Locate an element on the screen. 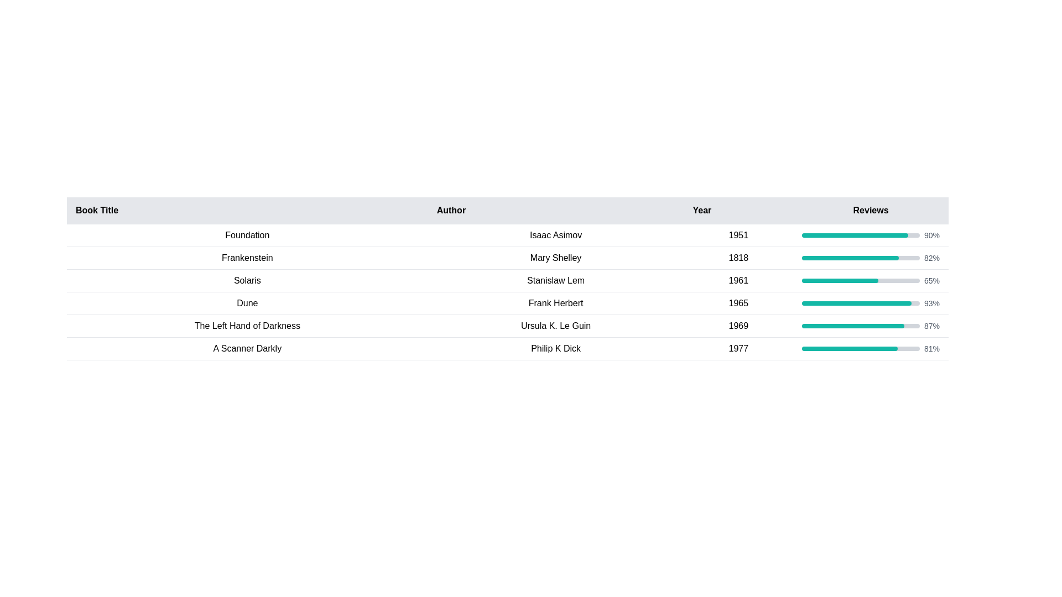 The height and width of the screenshot is (597, 1062). the static text element that displays the publication year of the book 'Foundation' by 'Isaac Asimov' located in the third column of the corresponding row in the table is located at coordinates (738, 234).